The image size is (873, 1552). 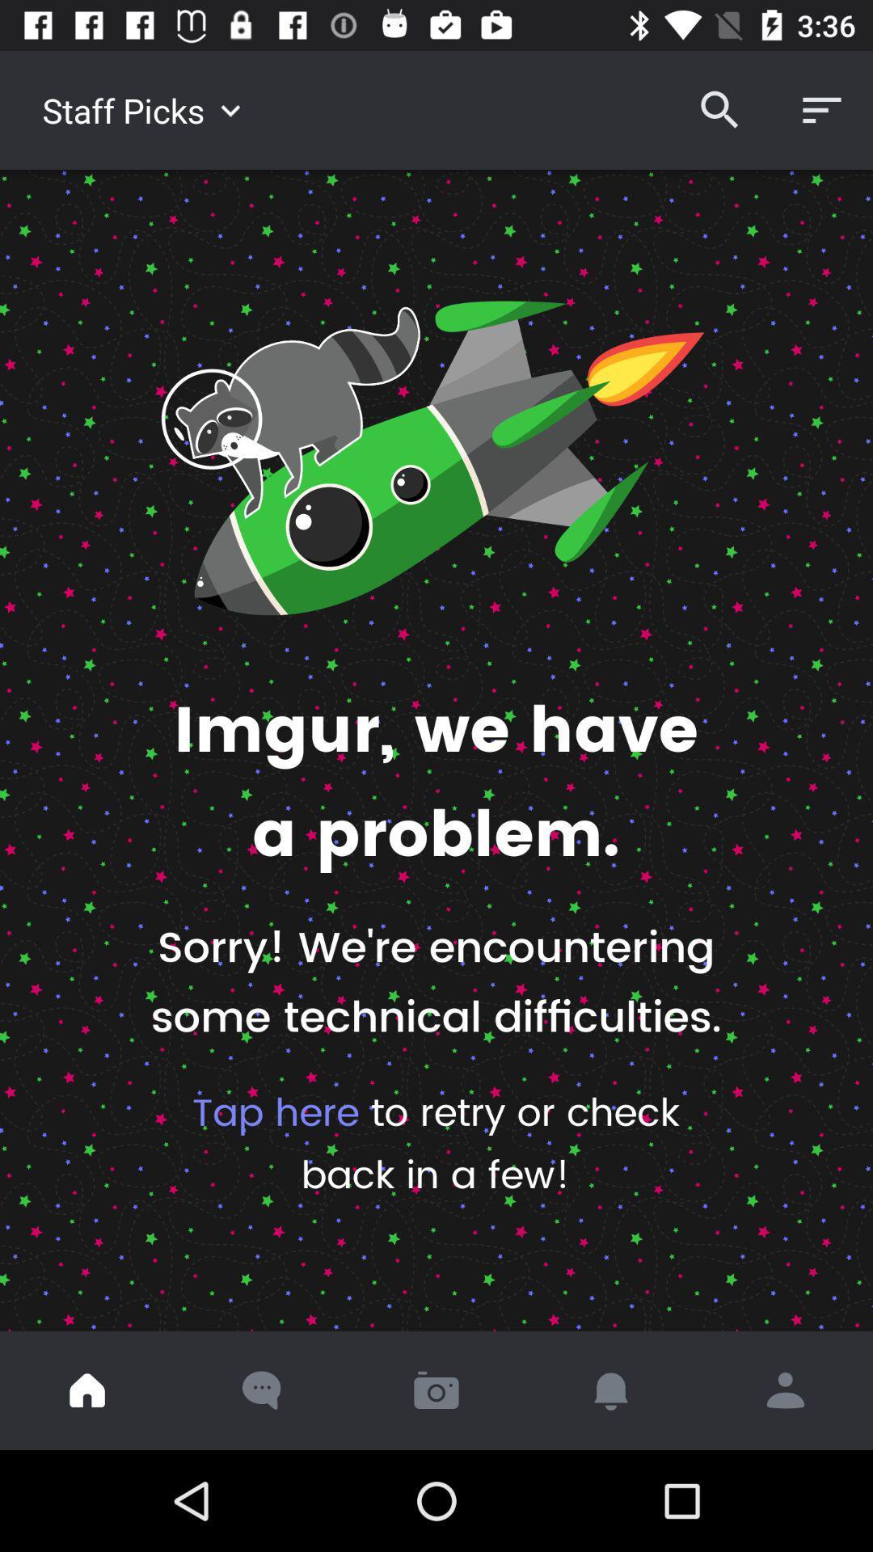 I want to click on profile, so click(x=785, y=1390).